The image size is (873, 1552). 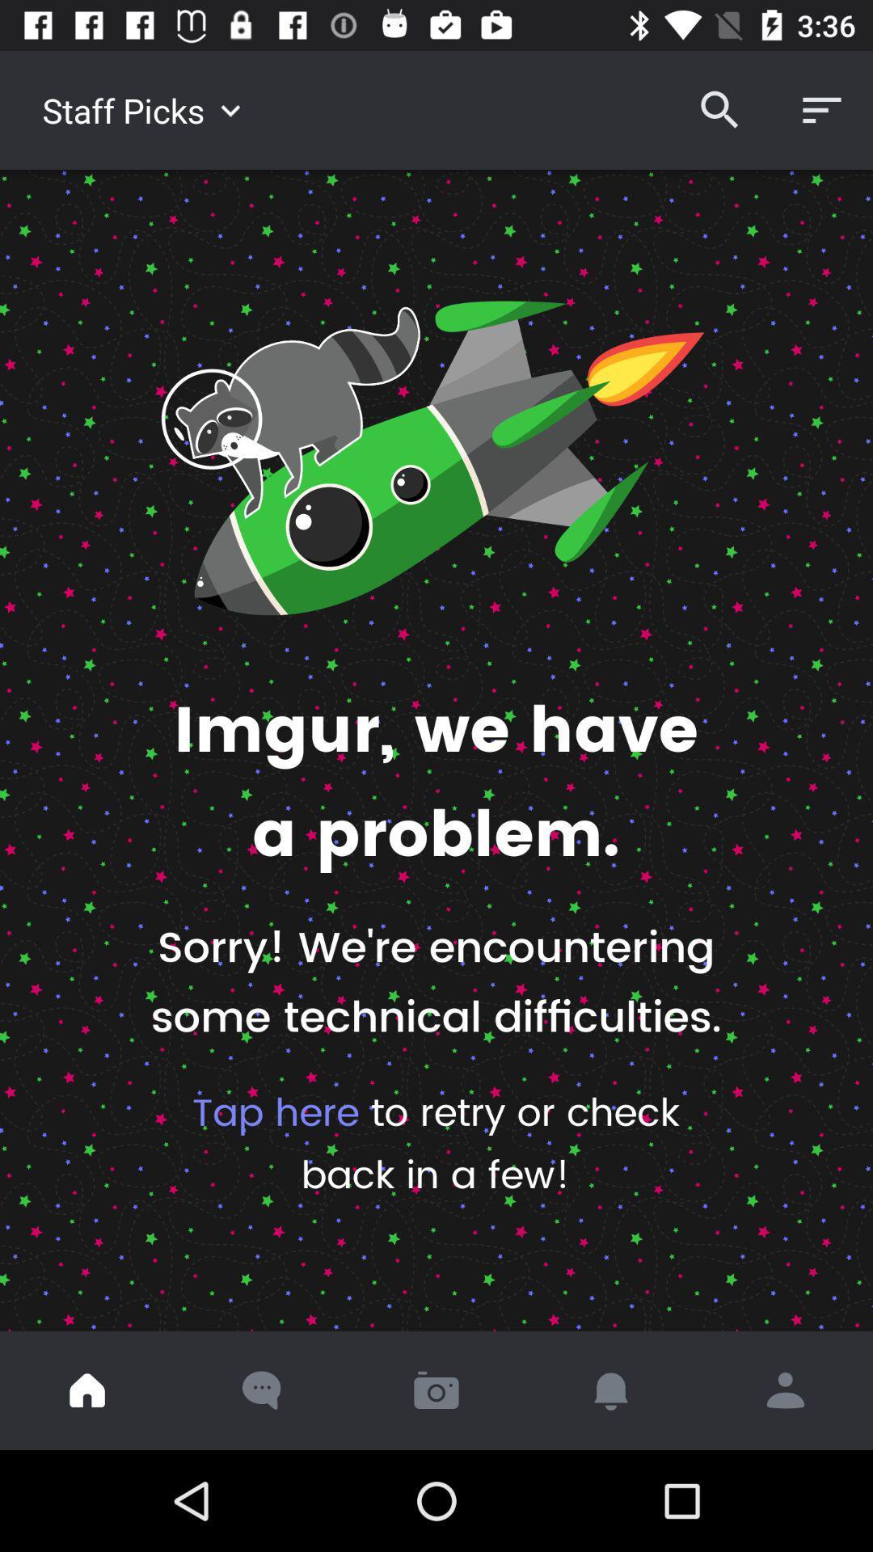 I want to click on profile, so click(x=785, y=1390).